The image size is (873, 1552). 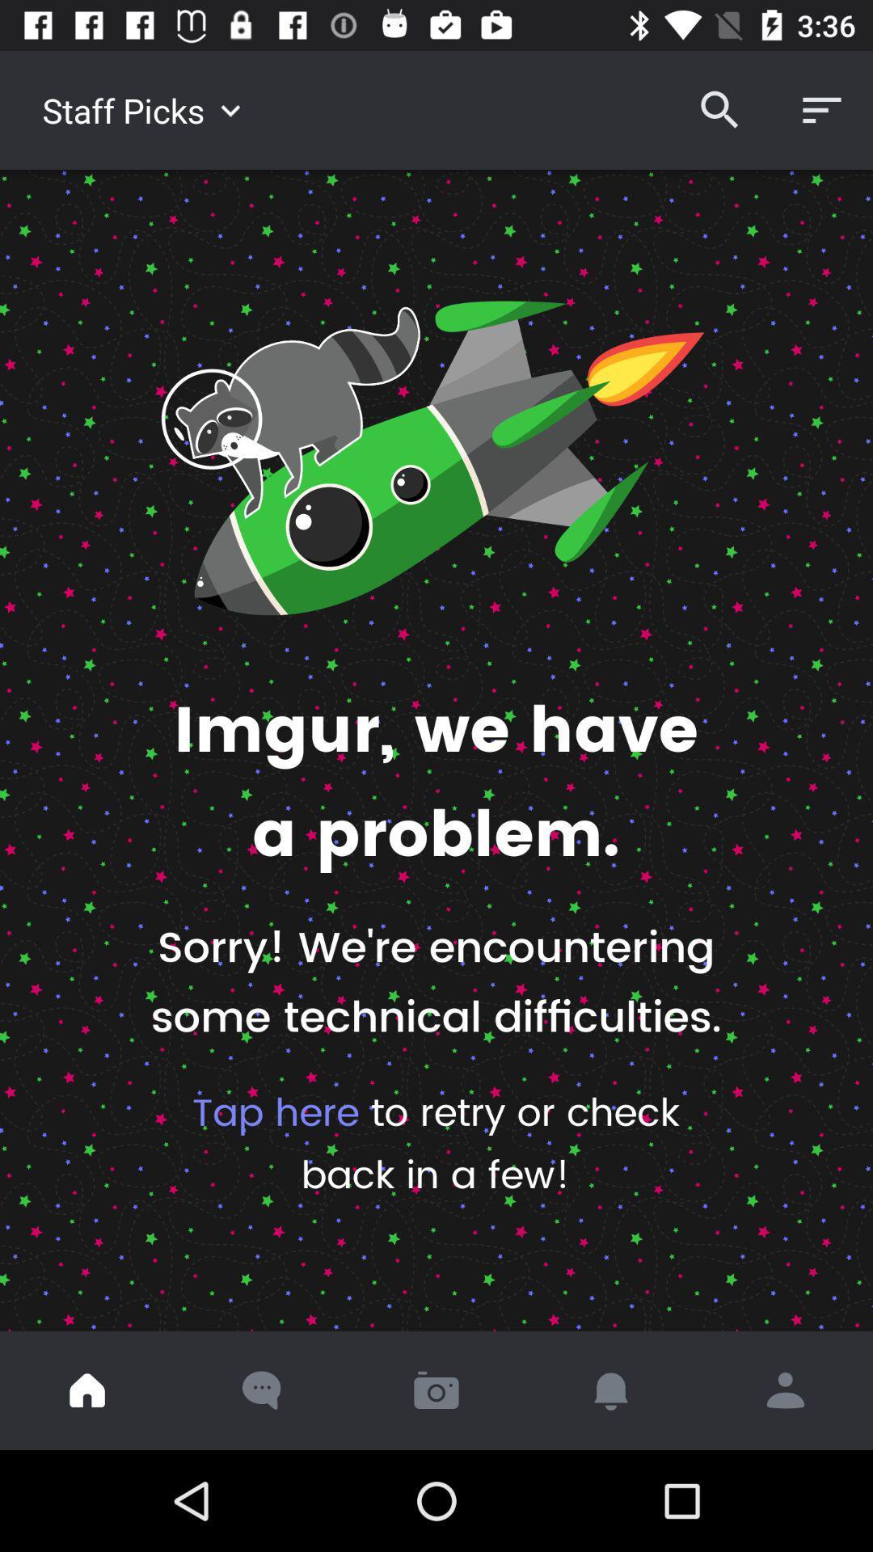 I want to click on profile, so click(x=785, y=1390).